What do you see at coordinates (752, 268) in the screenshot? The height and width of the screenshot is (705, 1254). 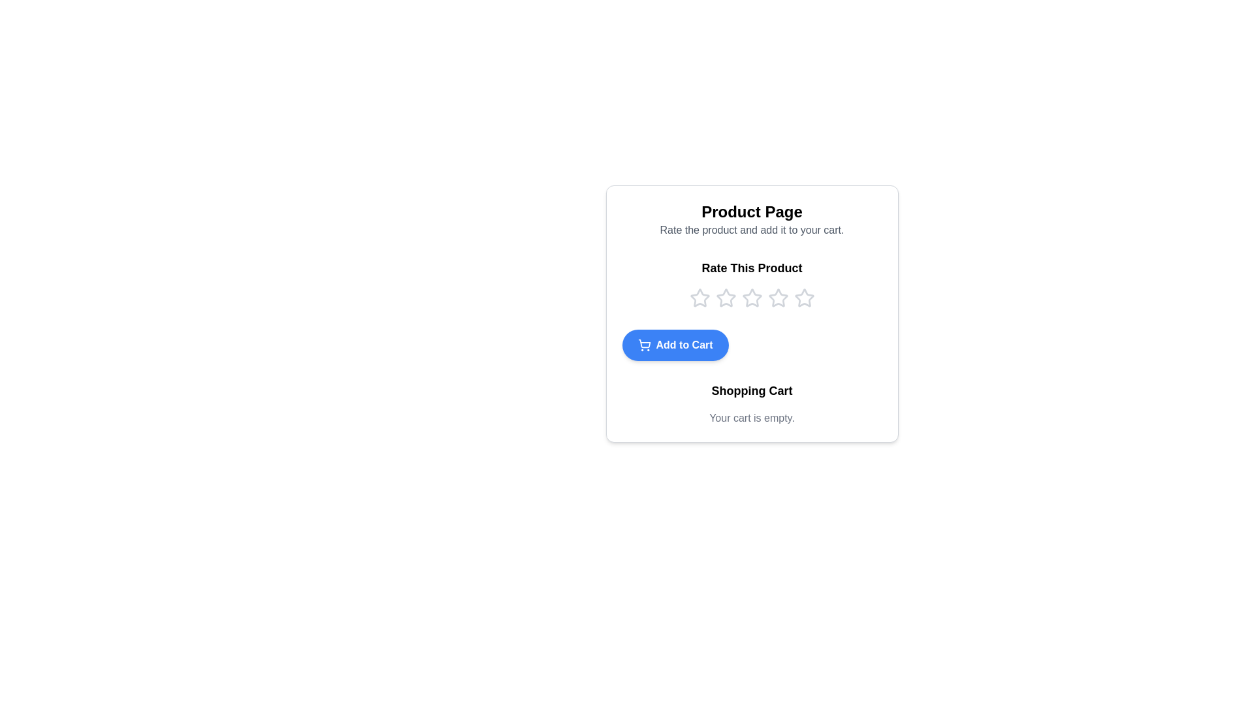 I see `the text label that introduces the section for rating or feedback, located centrally above the interactive star icons` at bounding box center [752, 268].